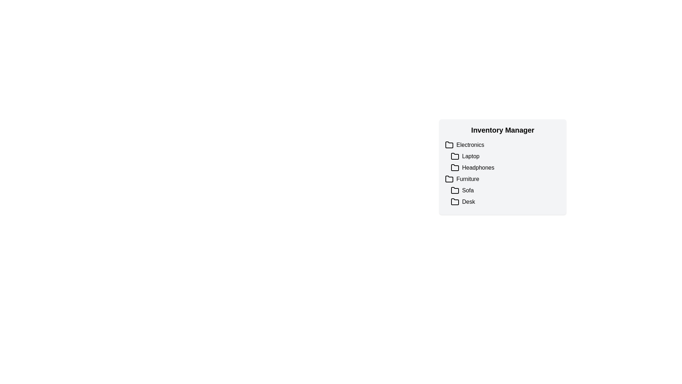  What do you see at coordinates (455, 156) in the screenshot?
I see `the folder icon that visually identifies the 'Laptop' entry in the Inventory Manager list, which is positioned directly left of the 'Laptop' text item` at bounding box center [455, 156].